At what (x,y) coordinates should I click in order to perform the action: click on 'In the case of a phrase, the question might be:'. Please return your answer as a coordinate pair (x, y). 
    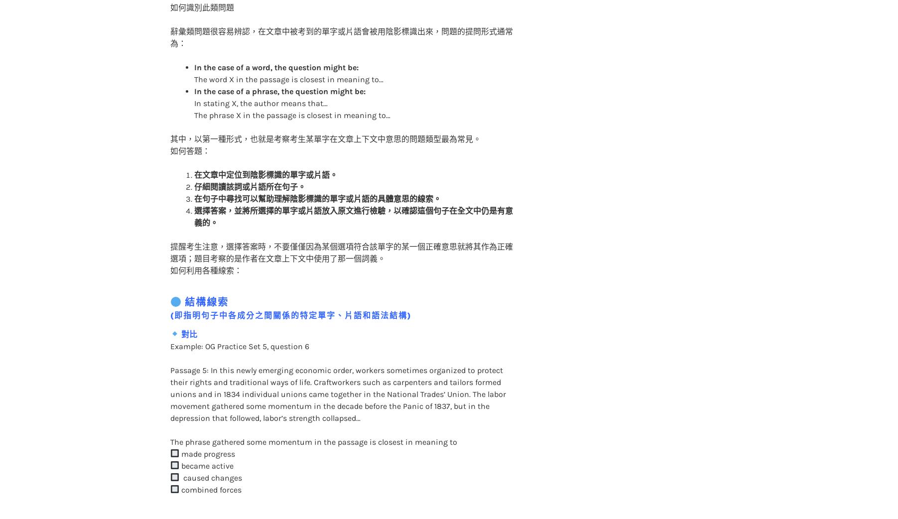
    Looking at the image, I should click on (278, 71).